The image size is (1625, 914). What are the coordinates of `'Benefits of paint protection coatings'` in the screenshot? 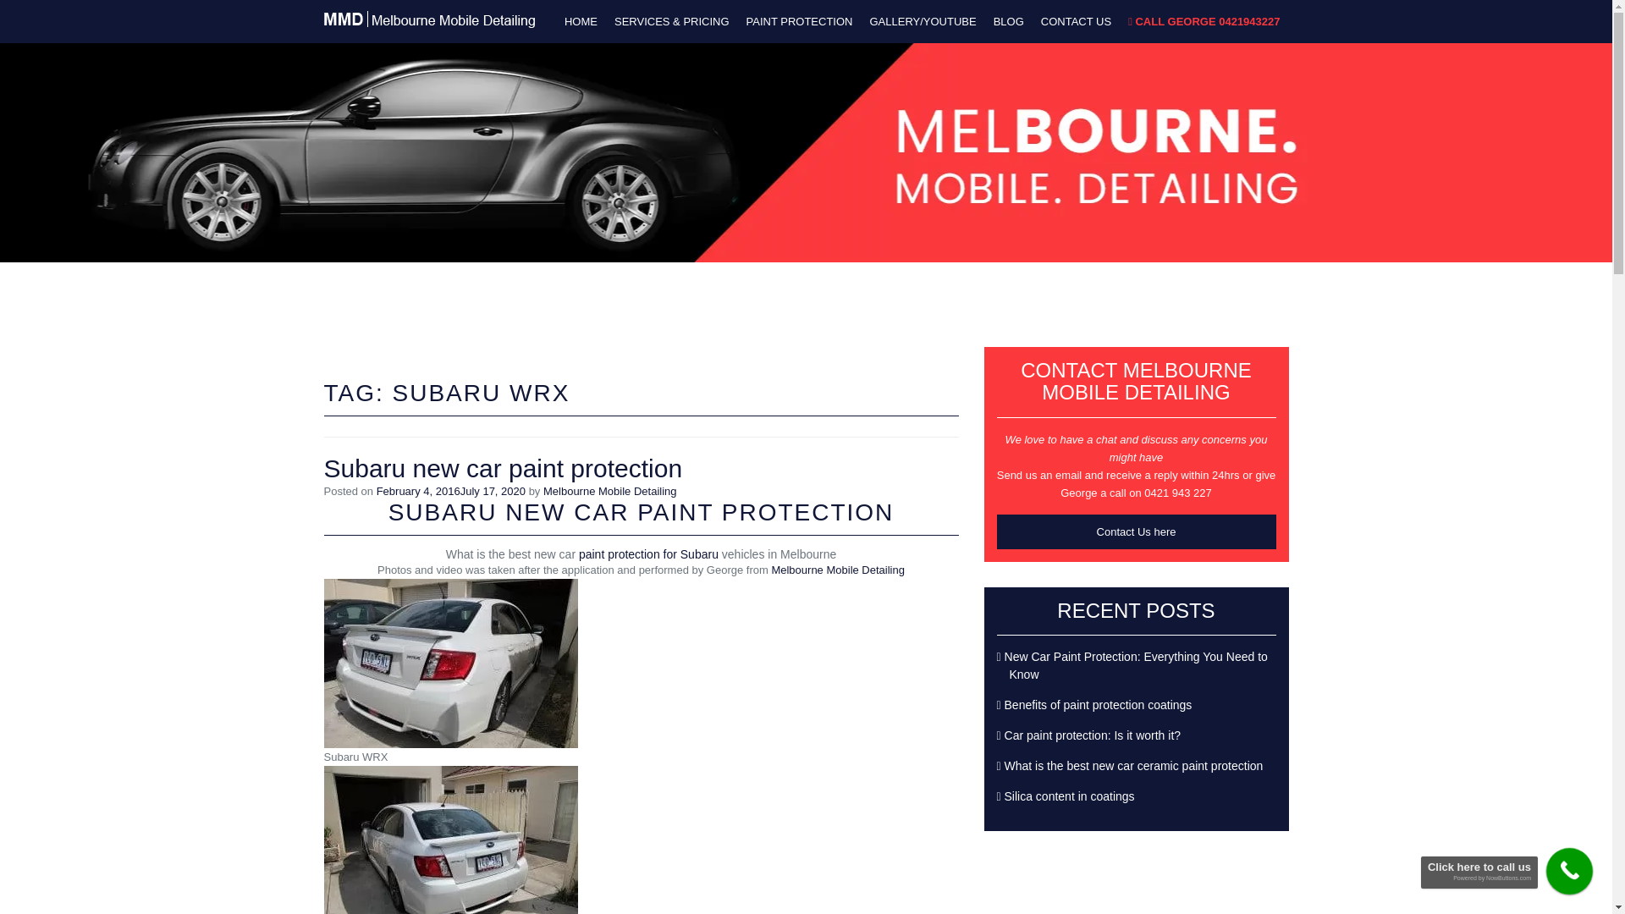 It's located at (1098, 705).